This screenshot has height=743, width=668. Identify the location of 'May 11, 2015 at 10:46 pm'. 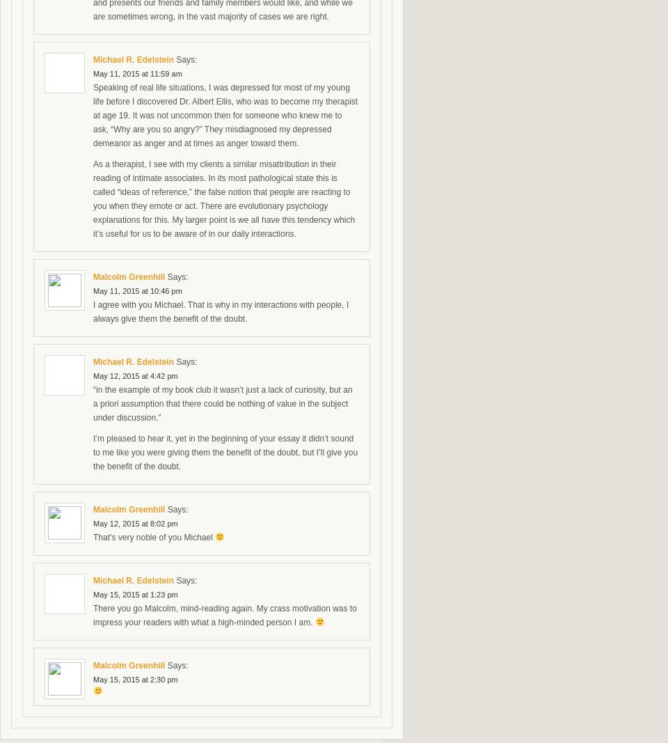
(137, 290).